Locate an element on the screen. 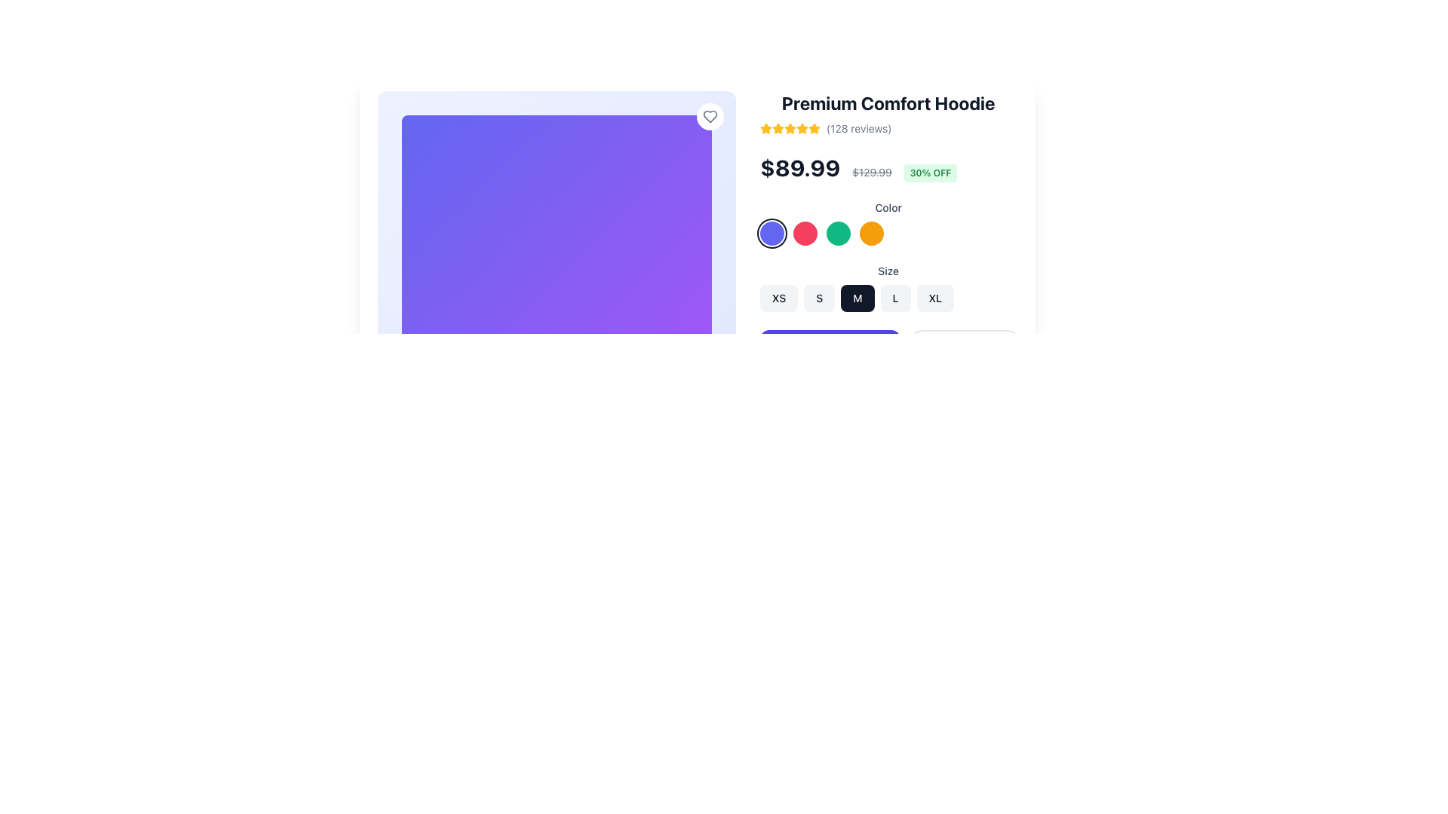 The height and width of the screenshot is (814, 1448). the heart-shaped icon located in the top-right corner of the product image panel is located at coordinates (709, 115).